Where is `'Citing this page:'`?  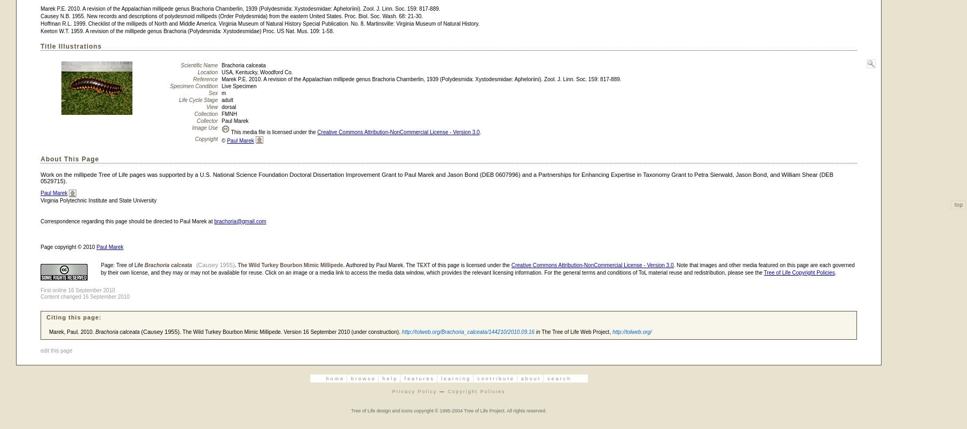 'Citing this page:' is located at coordinates (73, 316).